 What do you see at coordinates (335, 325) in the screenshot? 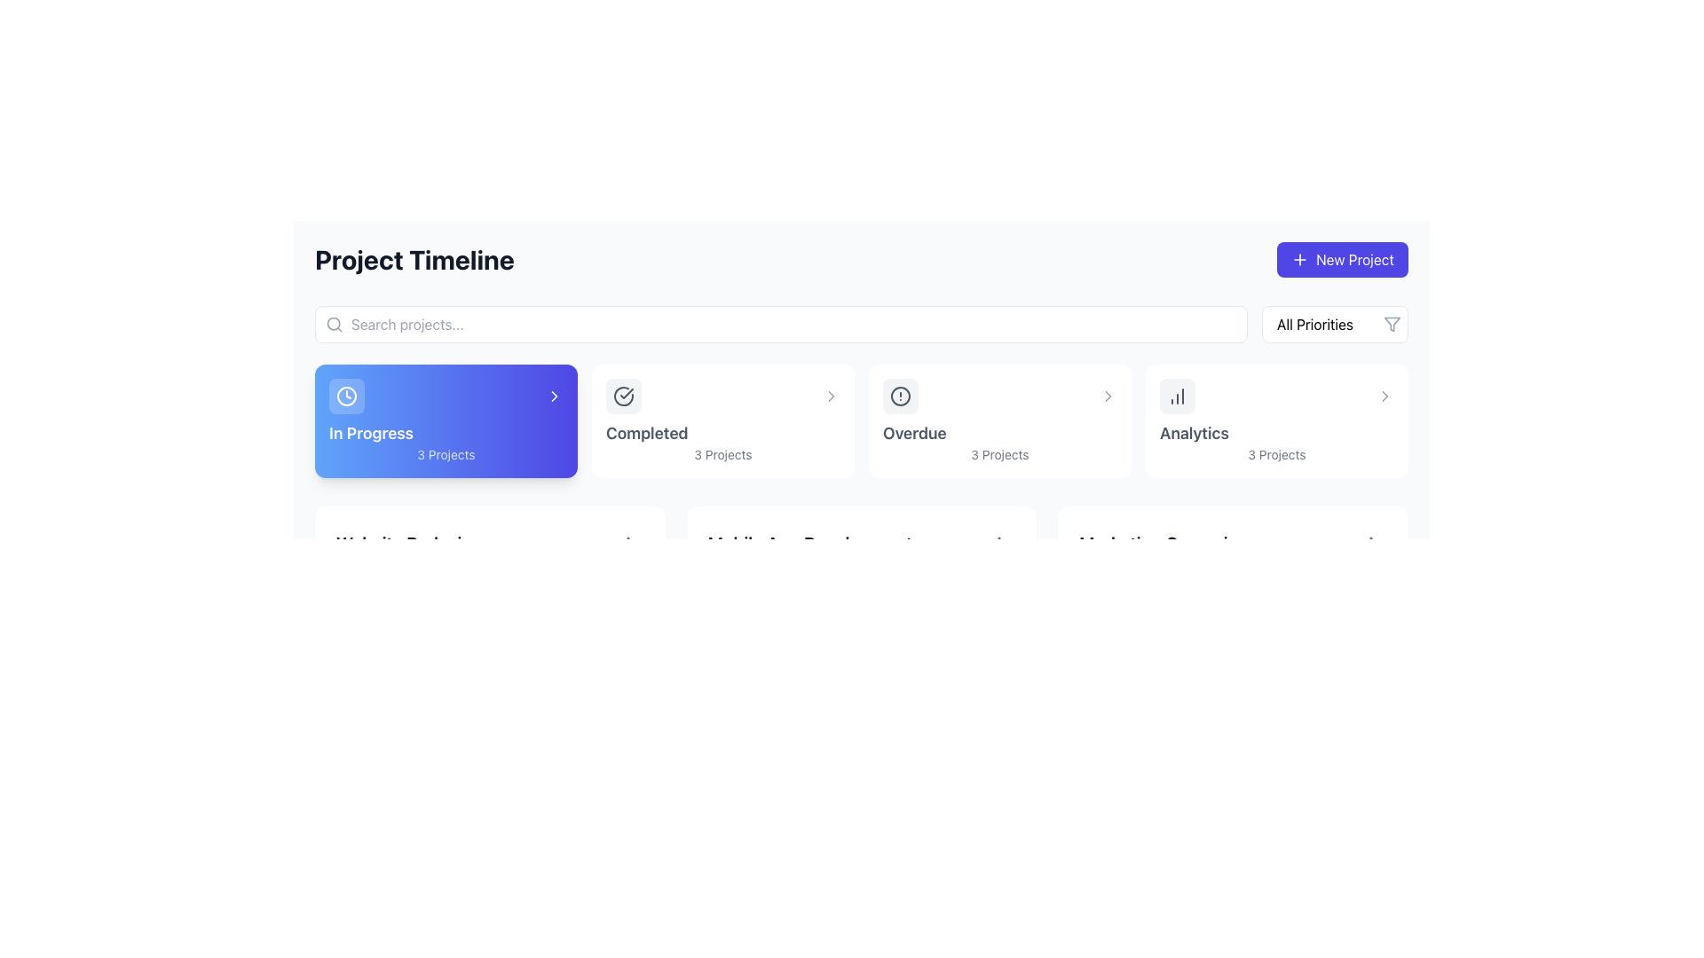
I see `the search icon, which is a light gray magnifying glass with a thin, rounded outline, located on the left side of the input field aligned with the placeholder text 'Search projects...'` at bounding box center [335, 325].